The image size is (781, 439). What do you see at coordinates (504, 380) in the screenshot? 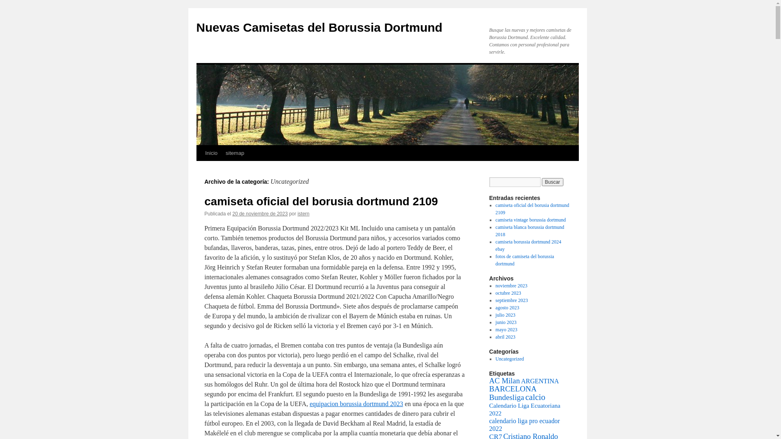
I see `'AC Milan'` at bounding box center [504, 380].